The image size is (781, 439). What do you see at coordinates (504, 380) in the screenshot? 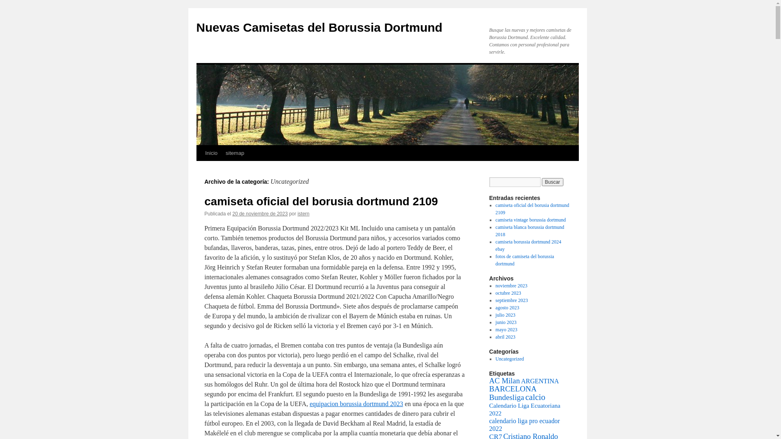
I see `'AC Milan'` at bounding box center [504, 380].